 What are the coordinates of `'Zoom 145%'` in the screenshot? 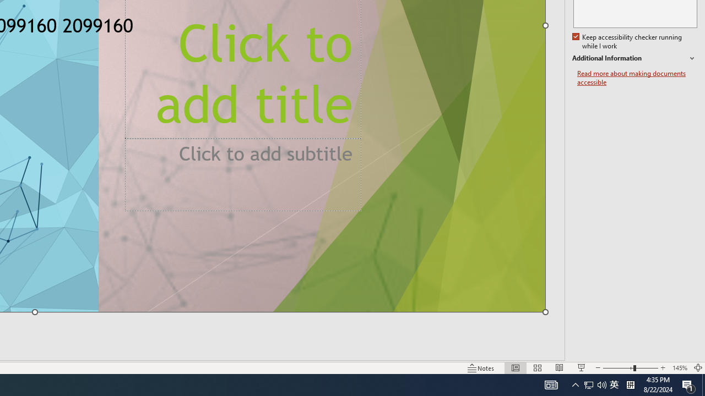 It's located at (679, 368).